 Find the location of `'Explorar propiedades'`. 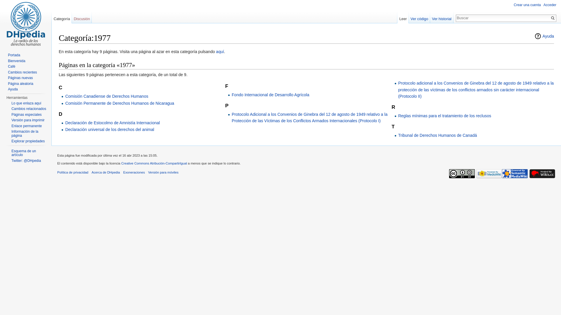

'Explorar propiedades' is located at coordinates (28, 141).